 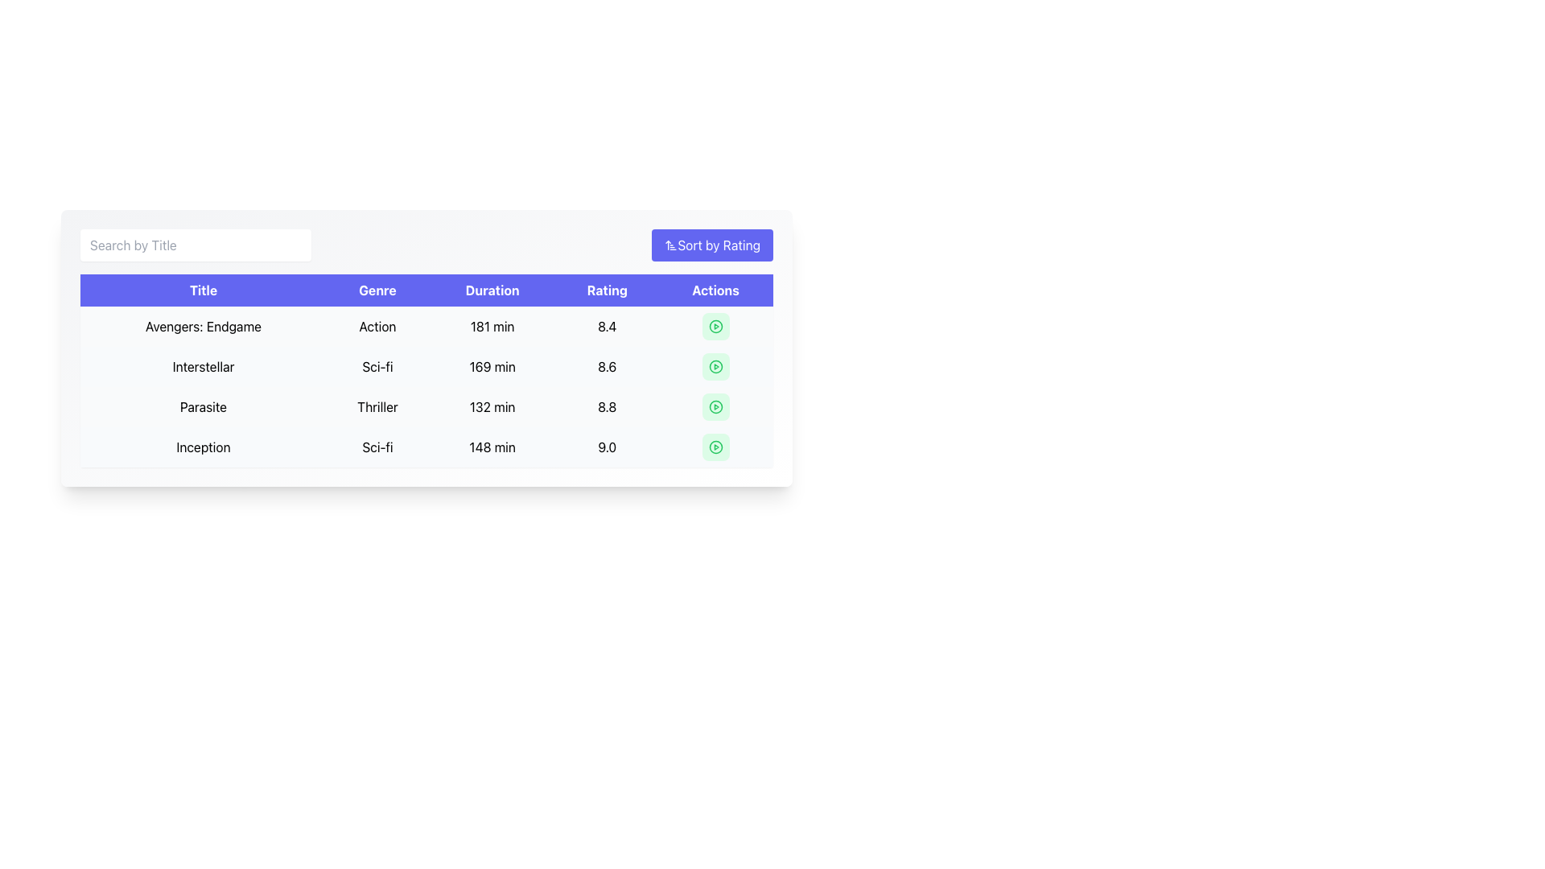 What do you see at coordinates (715, 366) in the screenshot?
I see `the button in the Actions column corresponding to the 'Interstellar' entry in the second row` at bounding box center [715, 366].